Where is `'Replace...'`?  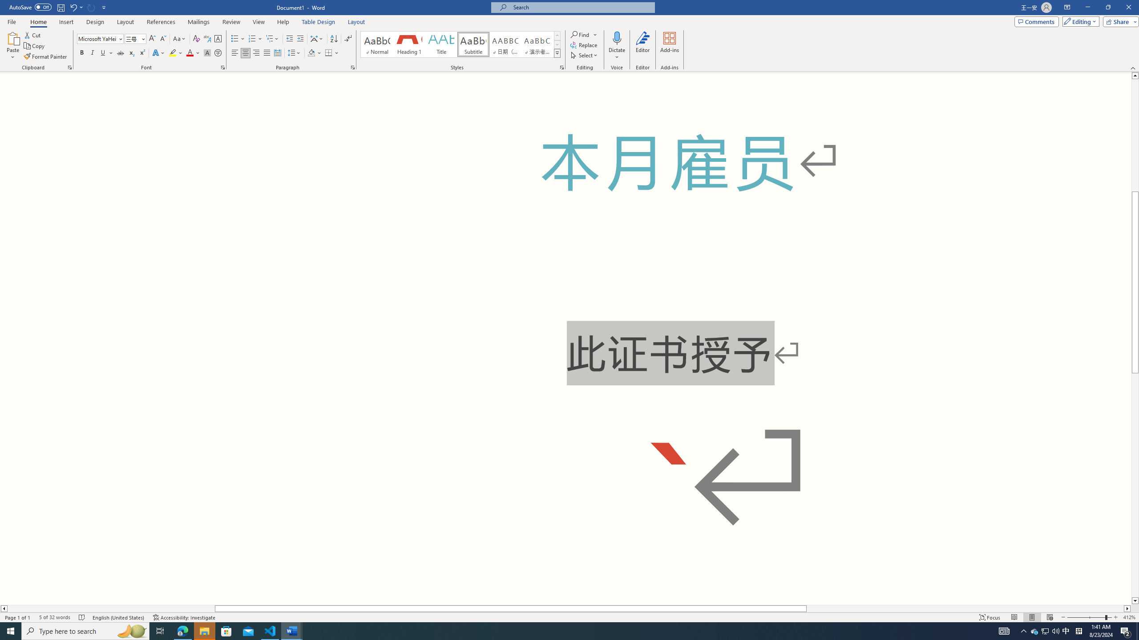 'Replace...' is located at coordinates (584, 44).